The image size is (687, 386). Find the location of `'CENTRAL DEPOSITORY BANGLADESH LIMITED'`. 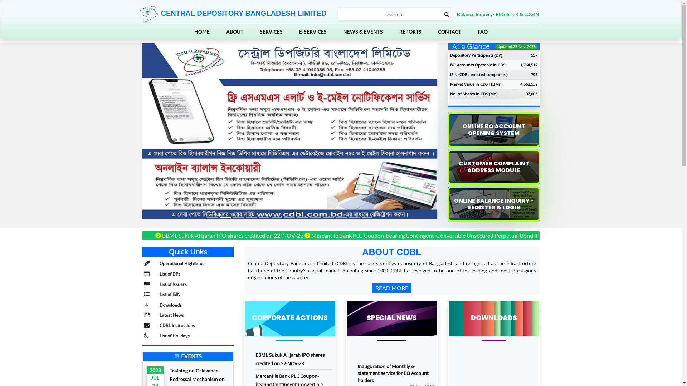

'CENTRAL DEPOSITORY BANGLADESH LIMITED' is located at coordinates (233, 14).